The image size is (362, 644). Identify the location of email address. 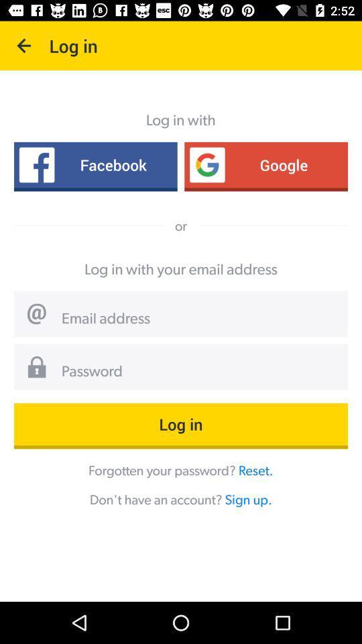
(199, 319).